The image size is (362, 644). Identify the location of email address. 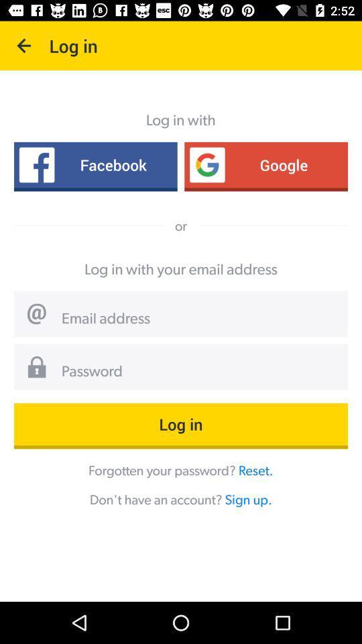
(199, 319).